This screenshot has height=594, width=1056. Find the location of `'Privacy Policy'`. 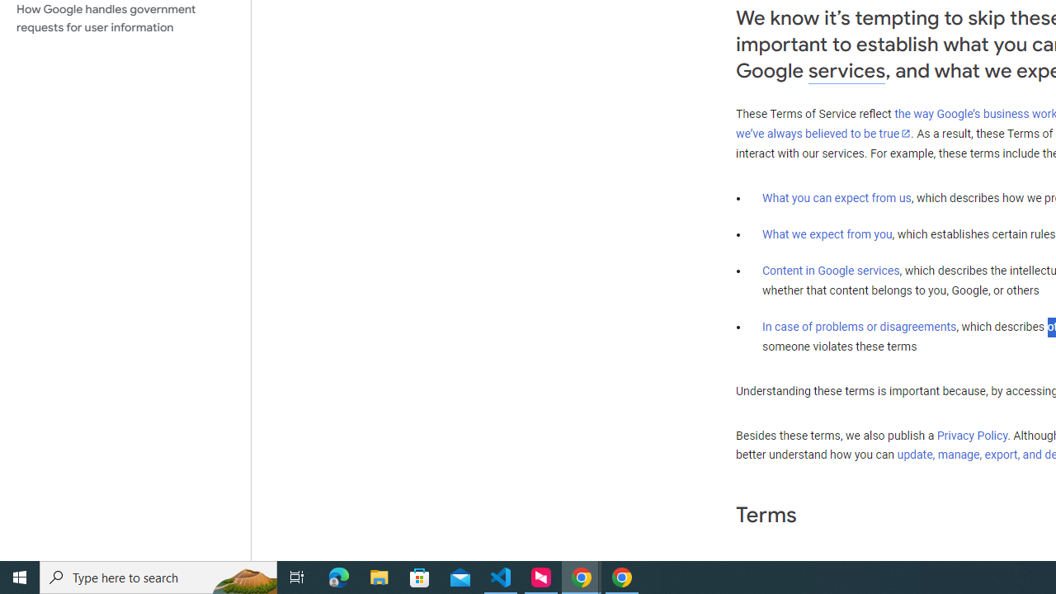

'Privacy Policy' is located at coordinates (972, 435).